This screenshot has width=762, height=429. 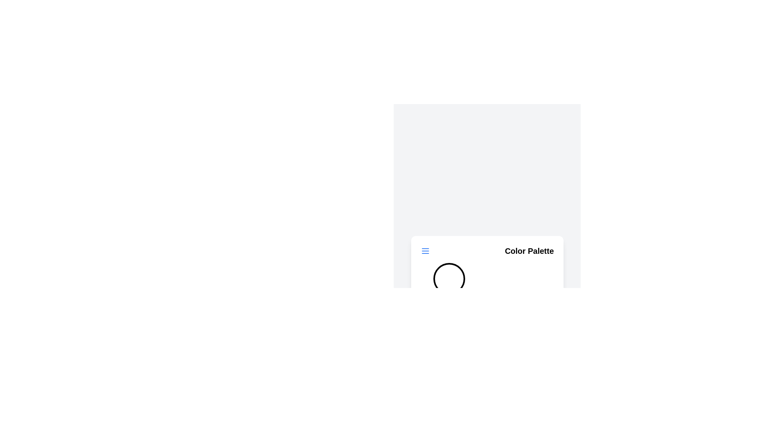 I want to click on the menu icon in the header, so click(x=425, y=251).